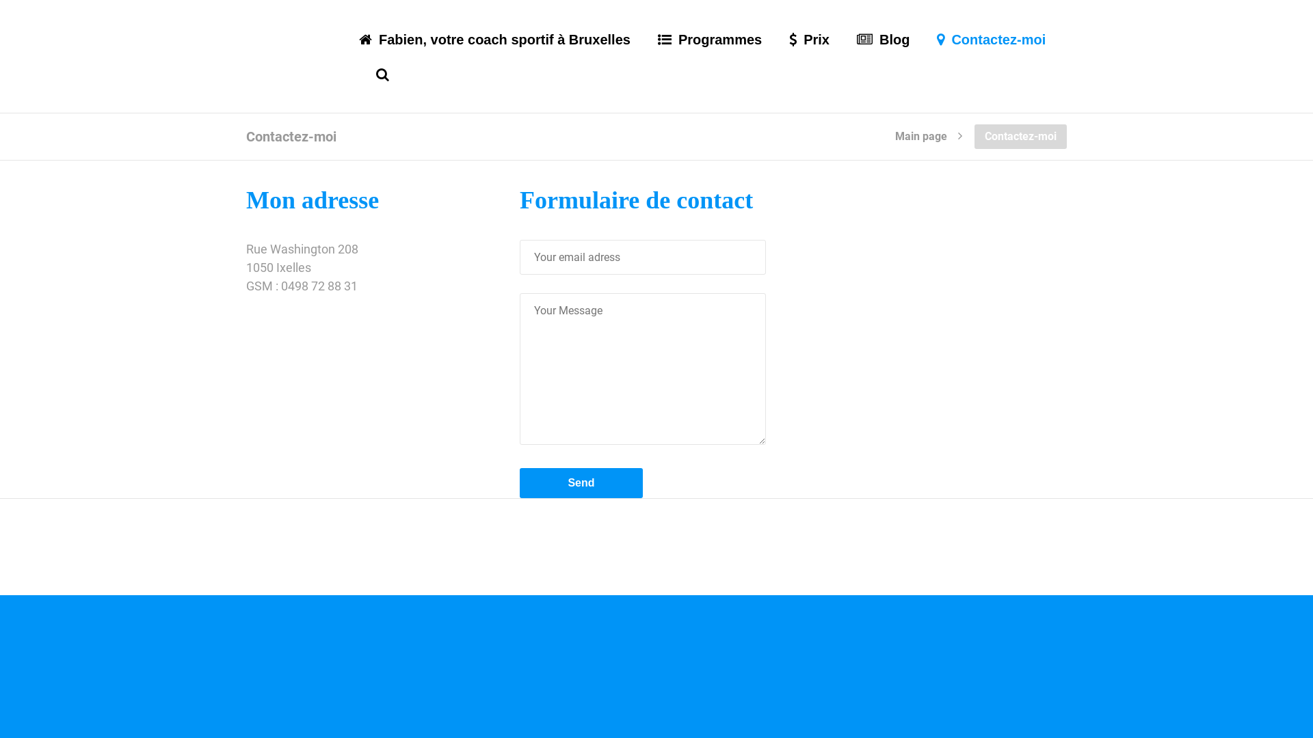 This screenshot has width=1313, height=738. I want to click on 'Programmes', so click(709, 55).